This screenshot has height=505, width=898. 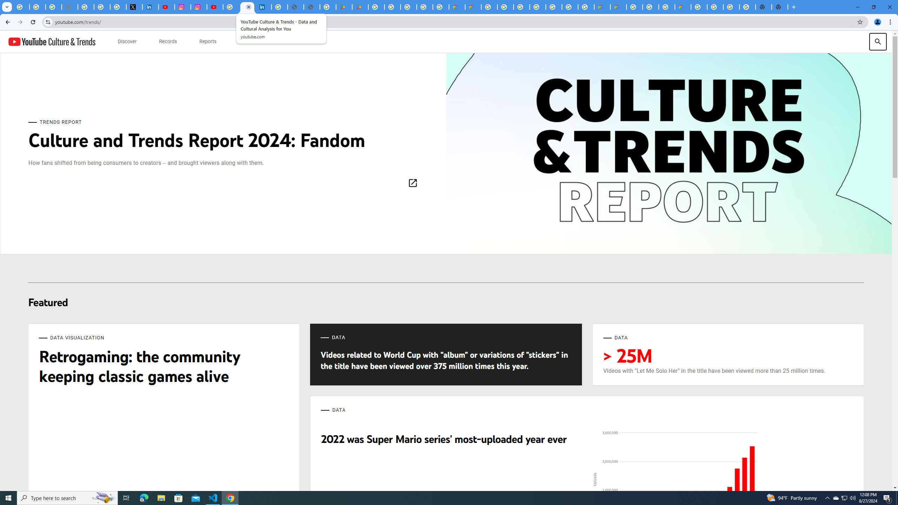 What do you see at coordinates (682, 7) in the screenshot?
I see `'Google Cloud Service Health'` at bounding box center [682, 7].